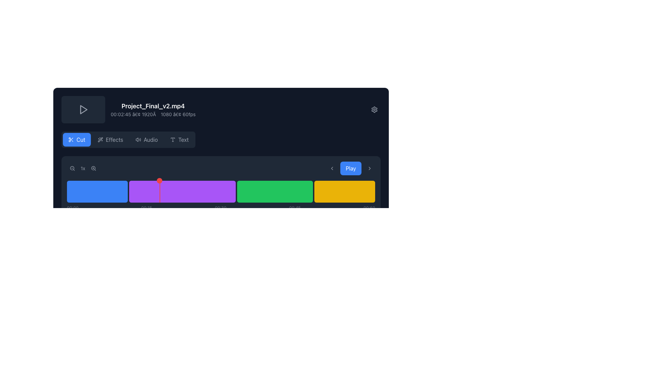 The image size is (656, 369). What do you see at coordinates (114, 139) in the screenshot?
I see `the 'Effects' button located in the top horizontal bar of the interface to observe its hover effect, which changes the text color from gray to white` at bounding box center [114, 139].